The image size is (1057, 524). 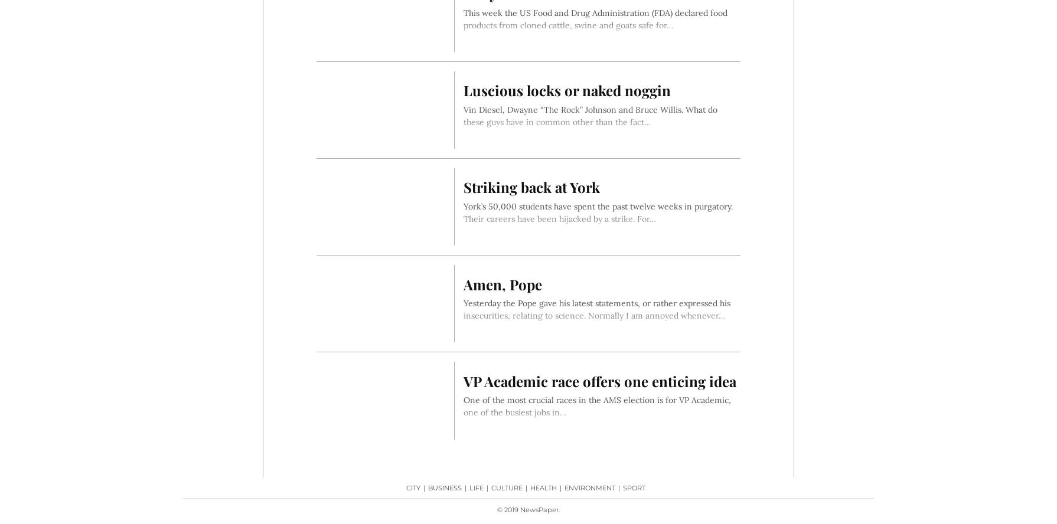 What do you see at coordinates (462, 19) in the screenshot?
I see `'This week the US Food and Drug Administration (FDA) declared food products from cloned cattle, swine and goats safe for…'` at bounding box center [462, 19].